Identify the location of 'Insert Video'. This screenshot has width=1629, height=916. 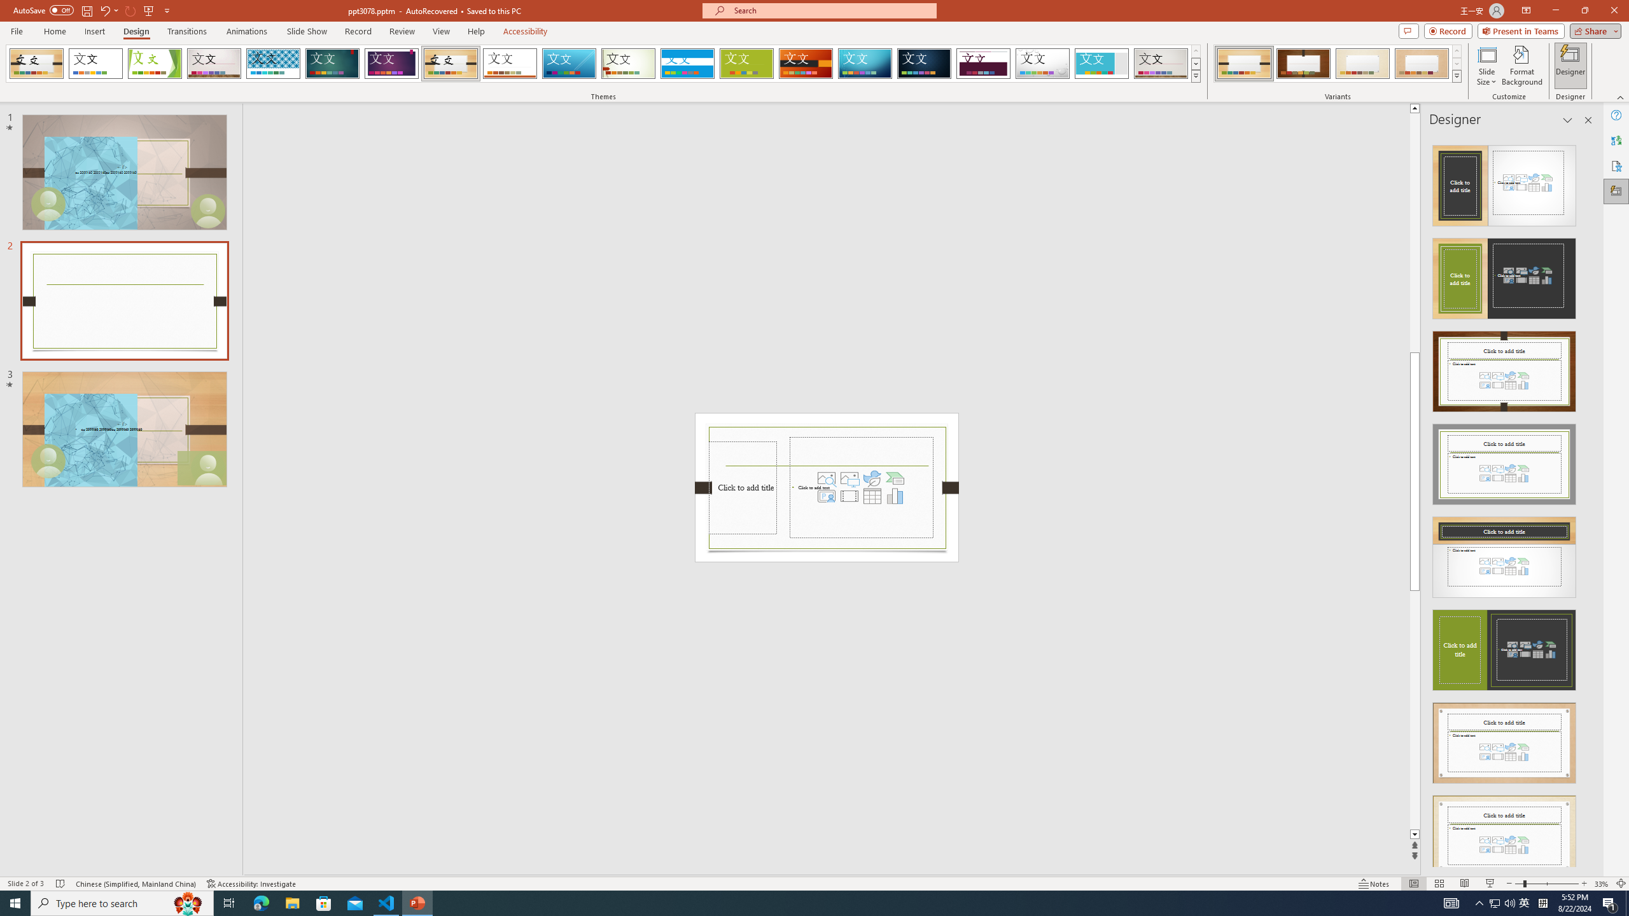
(849, 495).